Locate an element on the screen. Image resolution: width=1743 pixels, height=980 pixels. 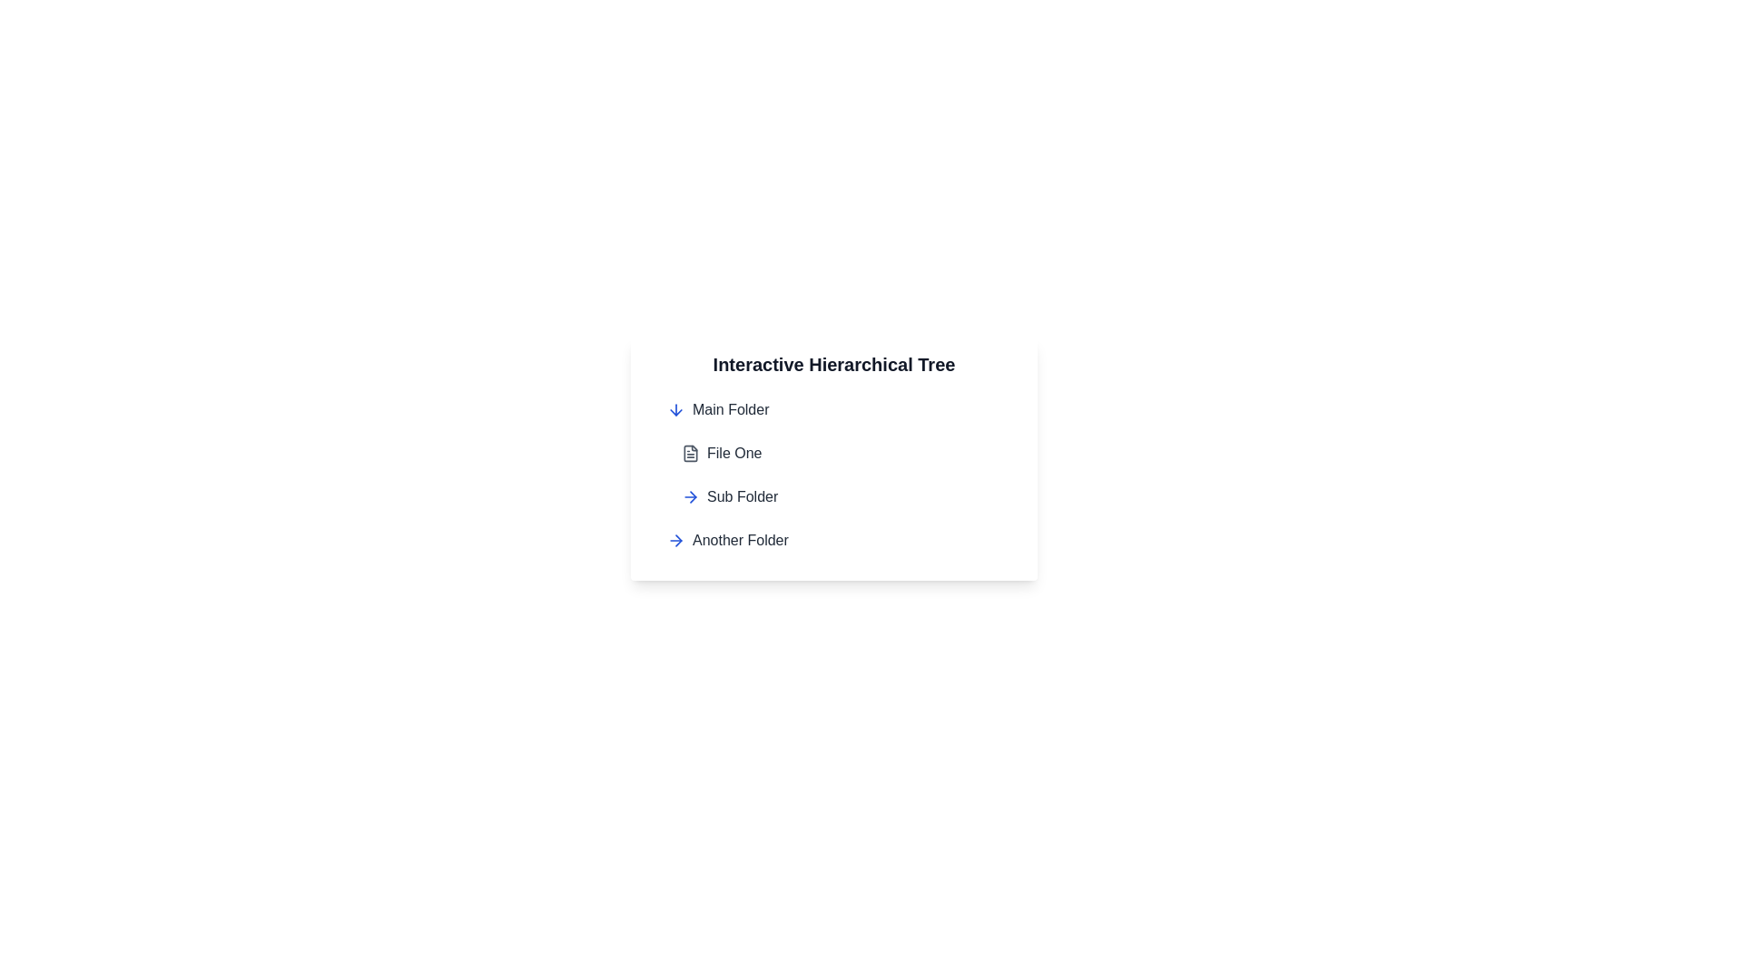
the arrow icon that indicates navigation within the 'Another Folder' item in the hierarchical tree structure is located at coordinates (675, 540).